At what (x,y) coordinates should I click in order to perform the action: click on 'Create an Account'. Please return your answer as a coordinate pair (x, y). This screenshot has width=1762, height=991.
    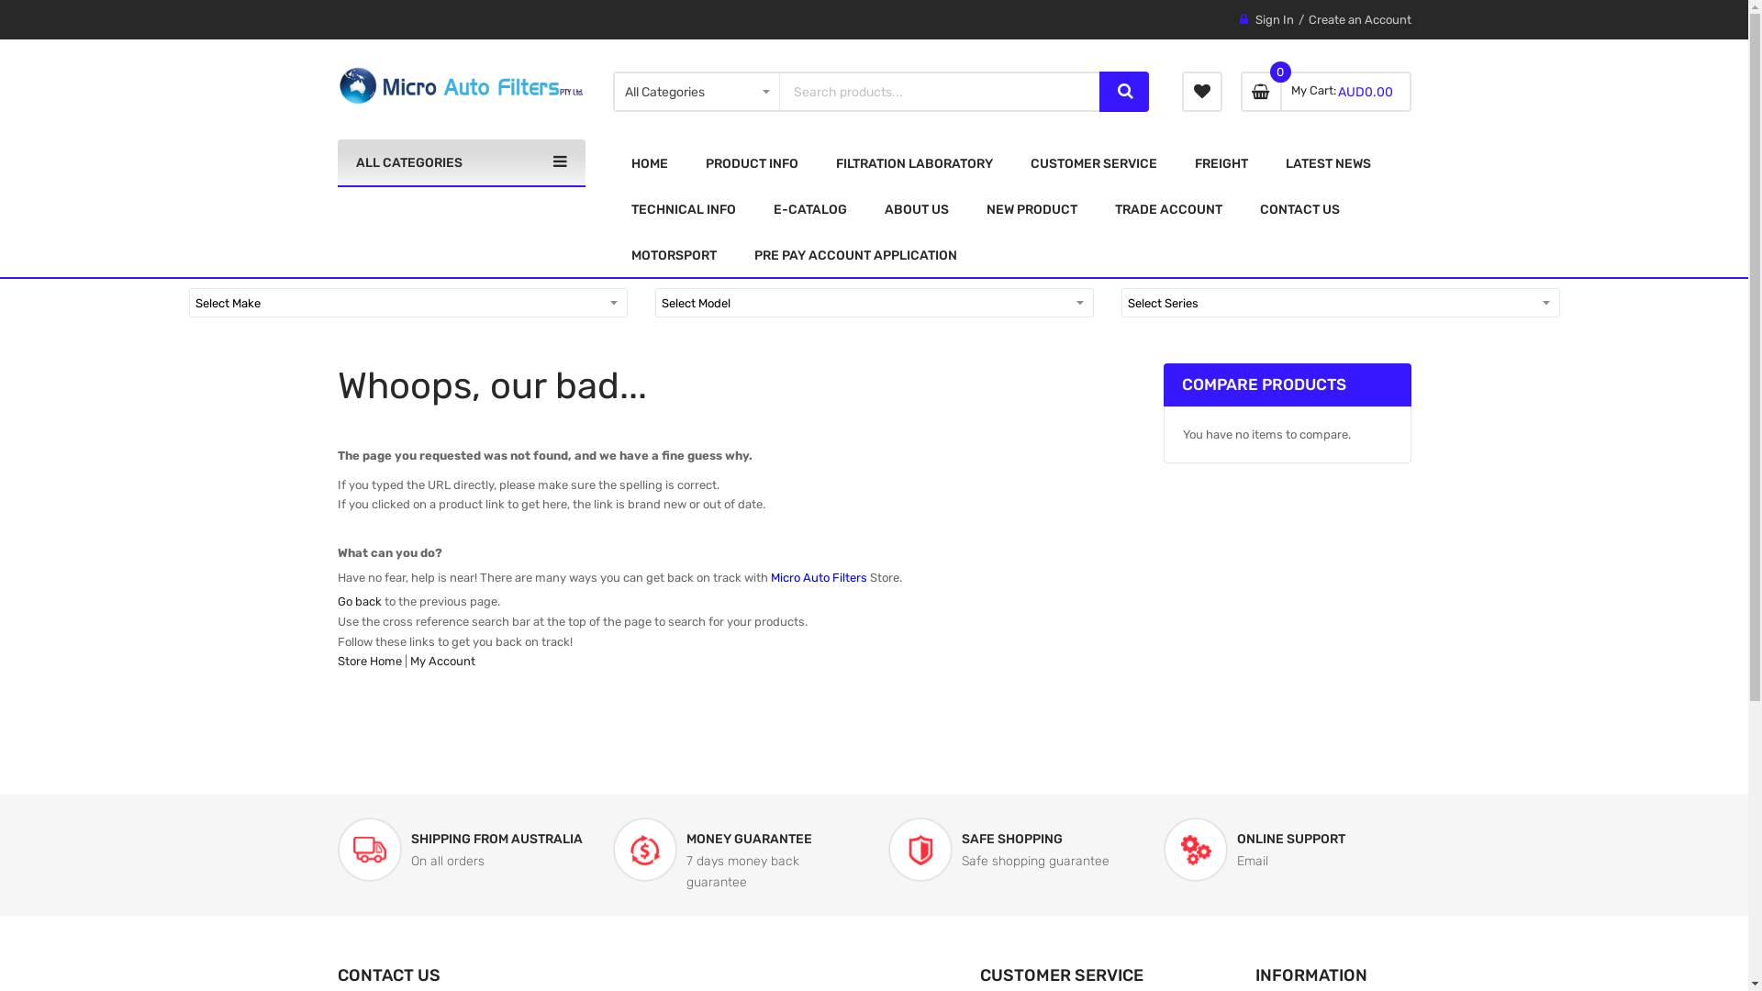
    Looking at the image, I should click on (1360, 19).